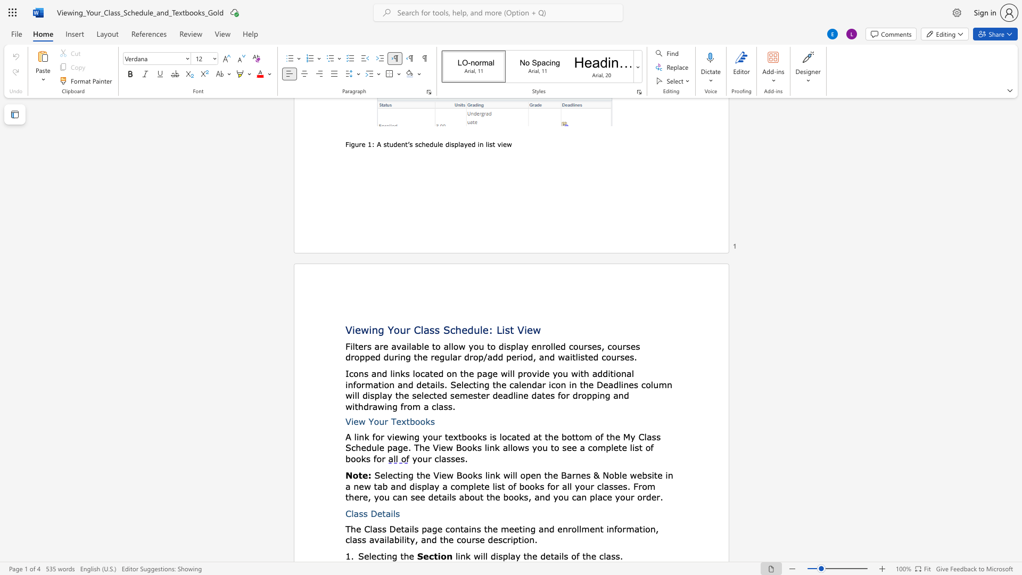  Describe the element at coordinates (380, 513) in the screenshot. I see `the 1th character "e" in the text` at that location.